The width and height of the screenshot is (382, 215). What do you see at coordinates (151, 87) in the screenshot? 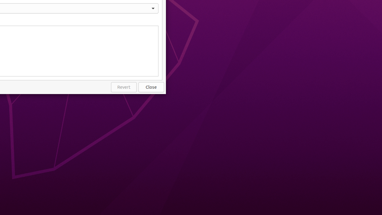
I see `'Close'` at bounding box center [151, 87].